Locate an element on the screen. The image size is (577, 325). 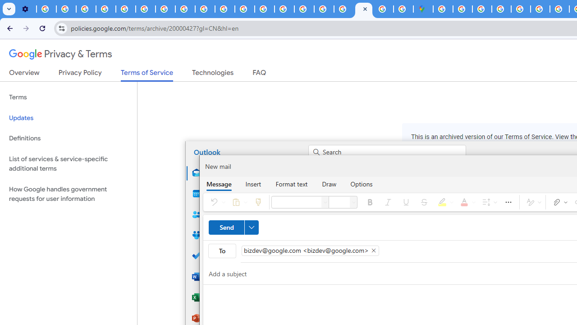
'Undo' is located at coordinates (215, 201).